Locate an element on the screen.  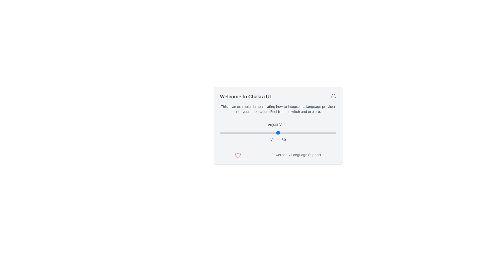
the bell icon located to the right of the header text 'Welcome to Chakra UI' is located at coordinates (333, 97).